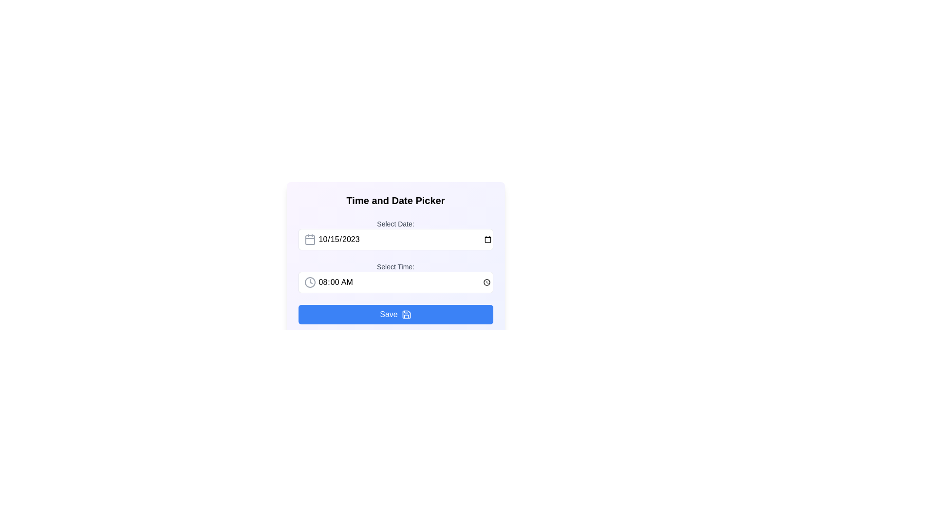  What do you see at coordinates (395, 278) in the screenshot?
I see `displayed date and time from the 'Time and Date Picker' UI component, which includes input fields for selection and a 'Save' button at the bottom` at bounding box center [395, 278].